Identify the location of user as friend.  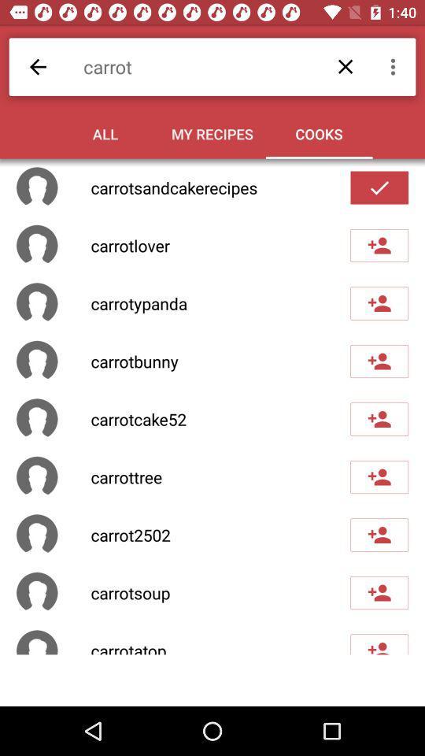
(379, 361).